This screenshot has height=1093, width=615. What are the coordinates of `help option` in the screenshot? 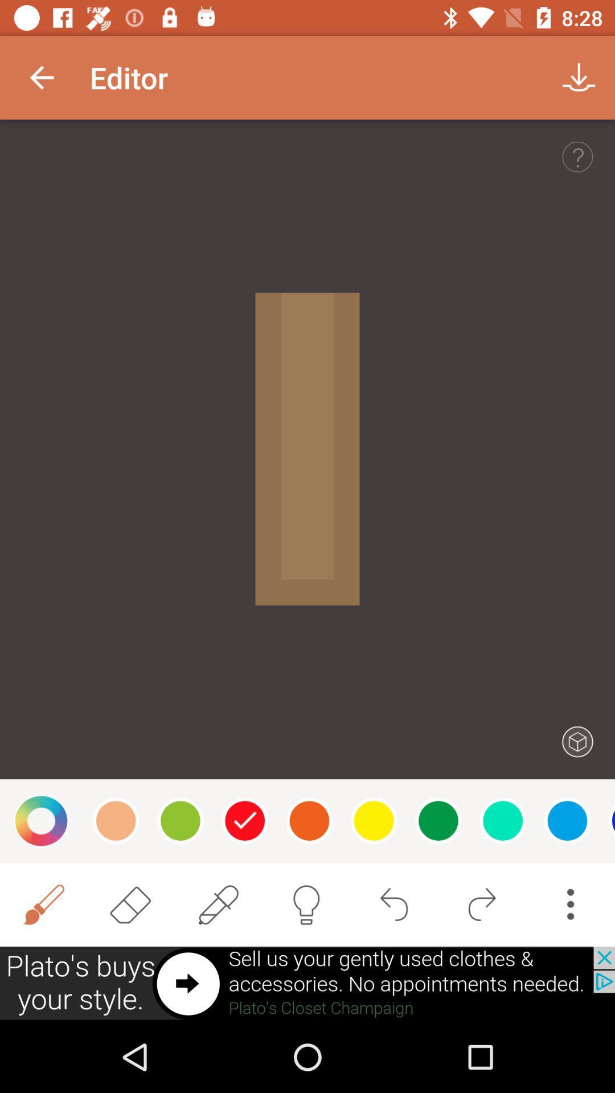 It's located at (577, 156).